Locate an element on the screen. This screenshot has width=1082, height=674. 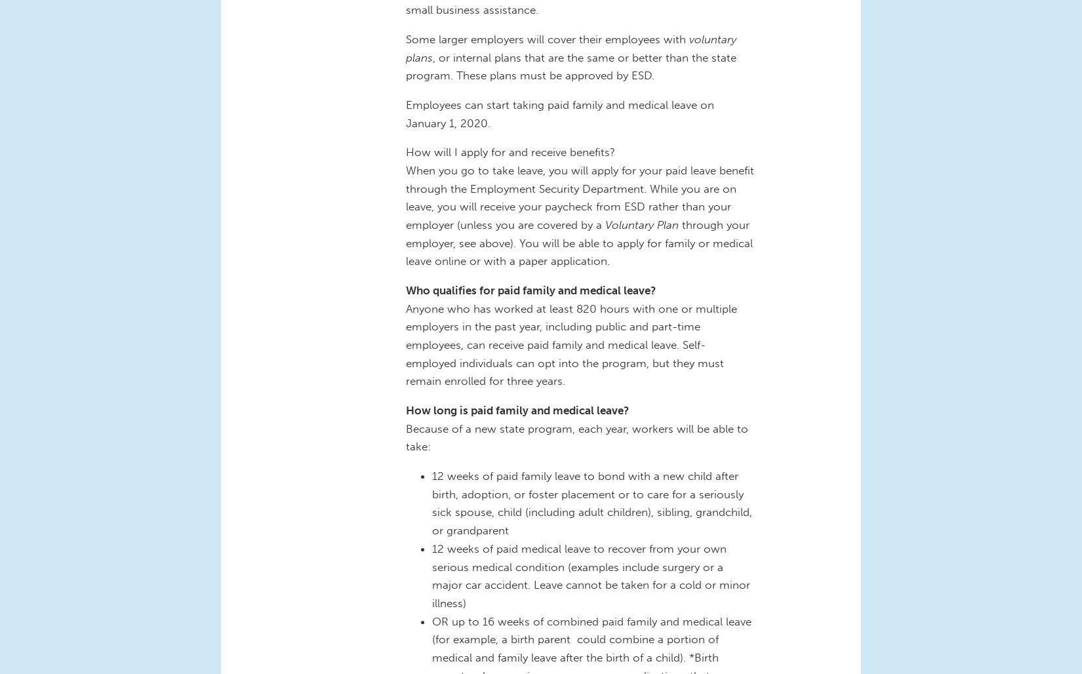
'Who qualifies for paid family and medical leave?' is located at coordinates (531, 290).